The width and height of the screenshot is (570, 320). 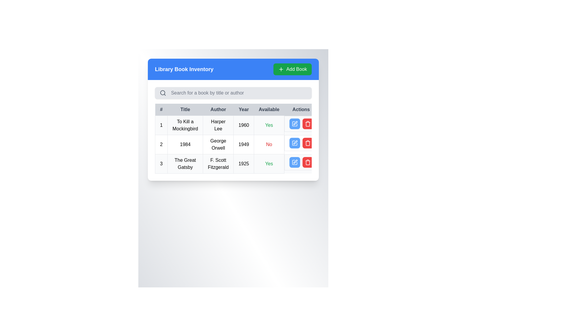 I want to click on the table cell representing the publication year of the book '1984' by George Orwell in the library inventory table, located in the fourth column of the second row, so click(x=244, y=145).